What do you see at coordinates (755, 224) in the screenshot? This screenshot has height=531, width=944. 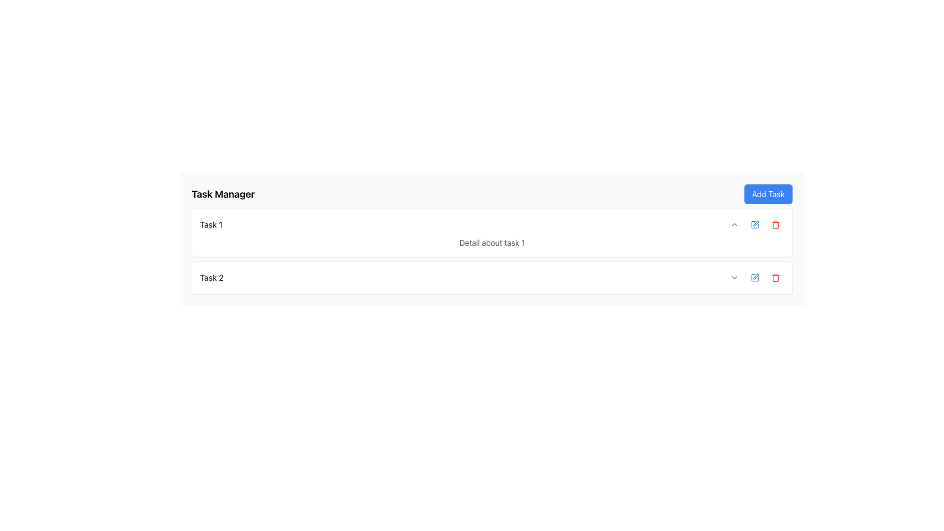 I see `the editing icon, which is a blue square button with a pen symbol, located as the second icon in the control group on the right side of the task entry` at bounding box center [755, 224].